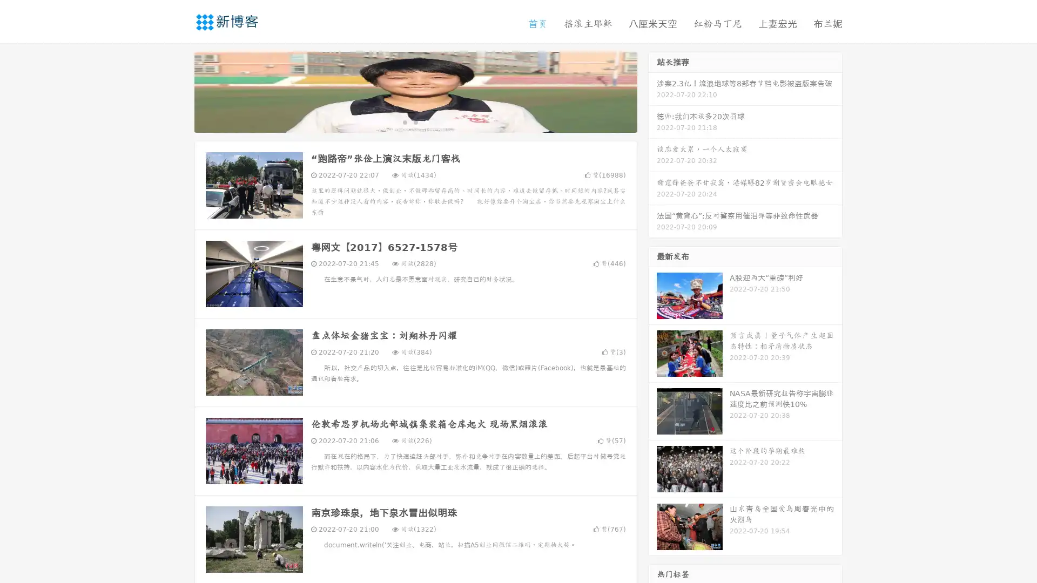  Describe the element at coordinates (404, 121) in the screenshot. I see `Go to slide 1` at that location.